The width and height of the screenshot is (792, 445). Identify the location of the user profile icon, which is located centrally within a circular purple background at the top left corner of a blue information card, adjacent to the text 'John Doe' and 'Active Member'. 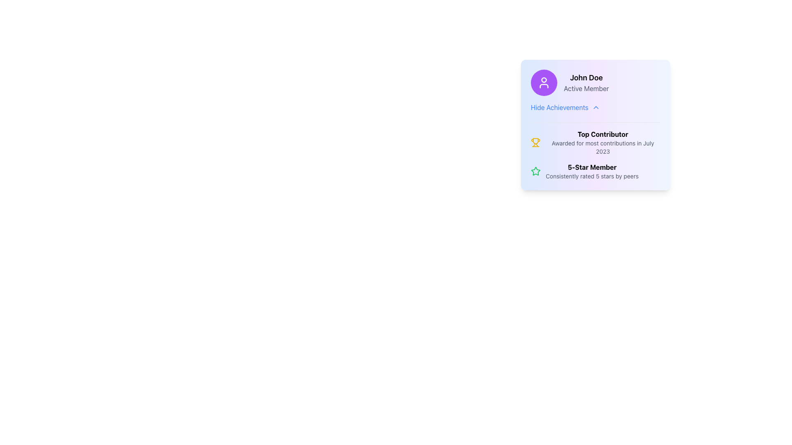
(544, 82).